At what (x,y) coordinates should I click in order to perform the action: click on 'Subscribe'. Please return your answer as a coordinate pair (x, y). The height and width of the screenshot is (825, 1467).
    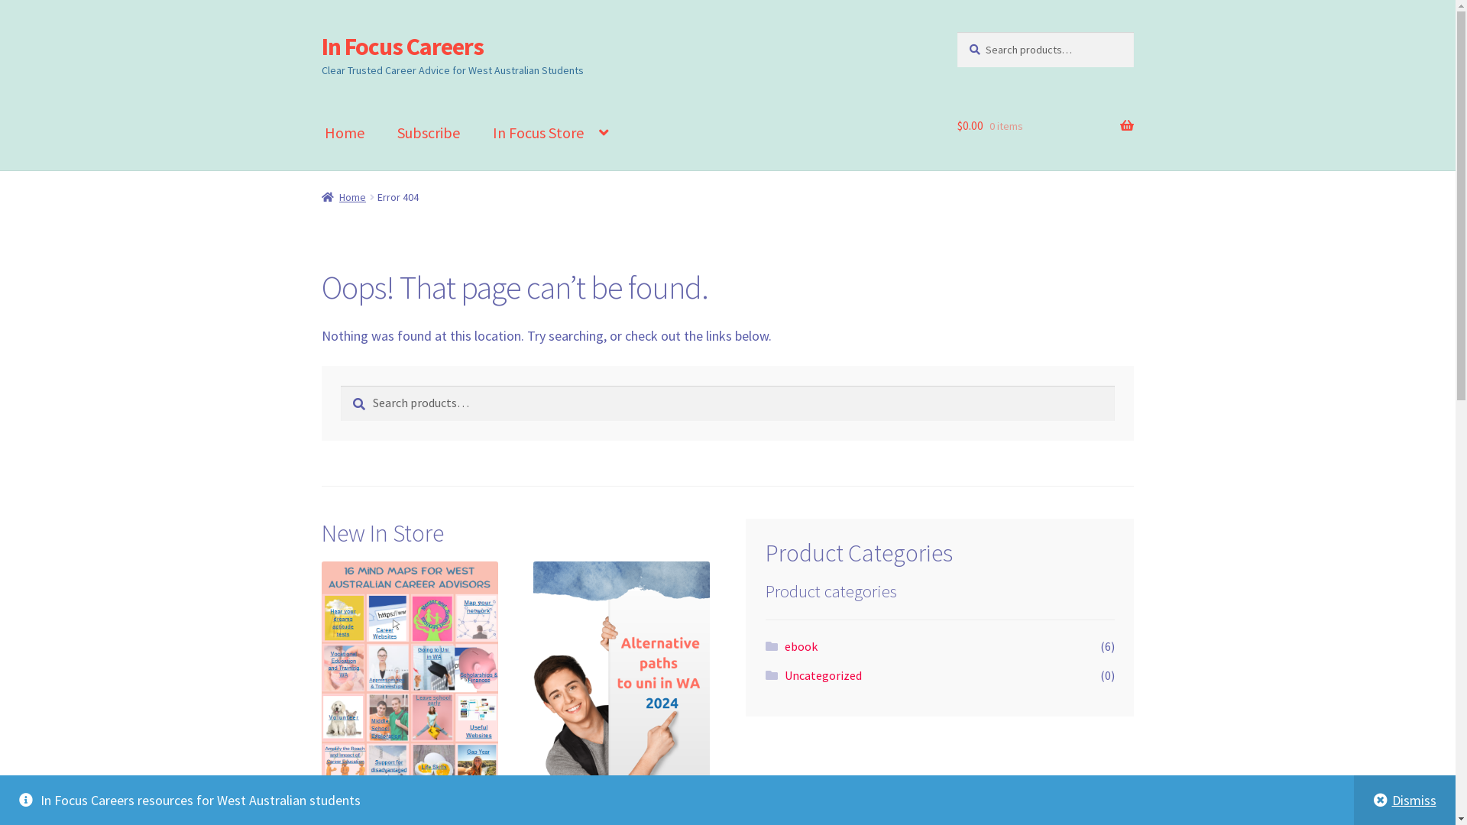
    Looking at the image, I should click on (381, 132).